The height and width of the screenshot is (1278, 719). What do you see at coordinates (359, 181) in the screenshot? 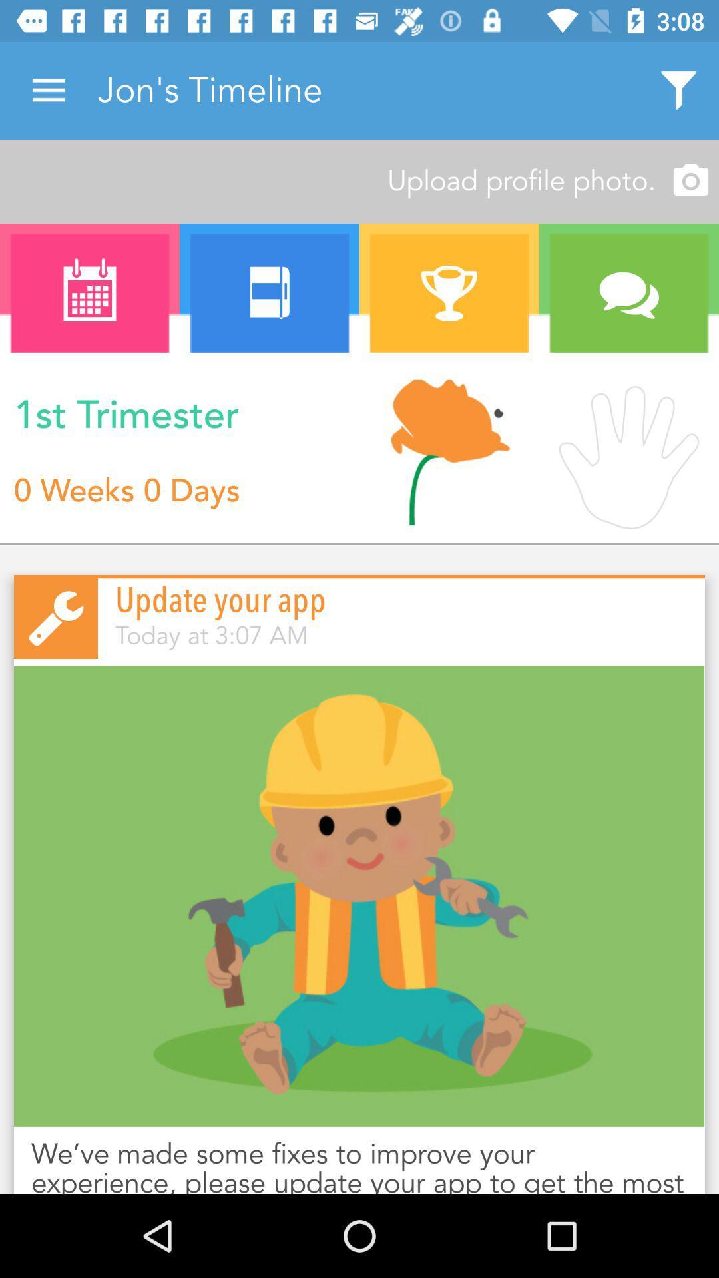
I see `upload profile photo. item` at bounding box center [359, 181].